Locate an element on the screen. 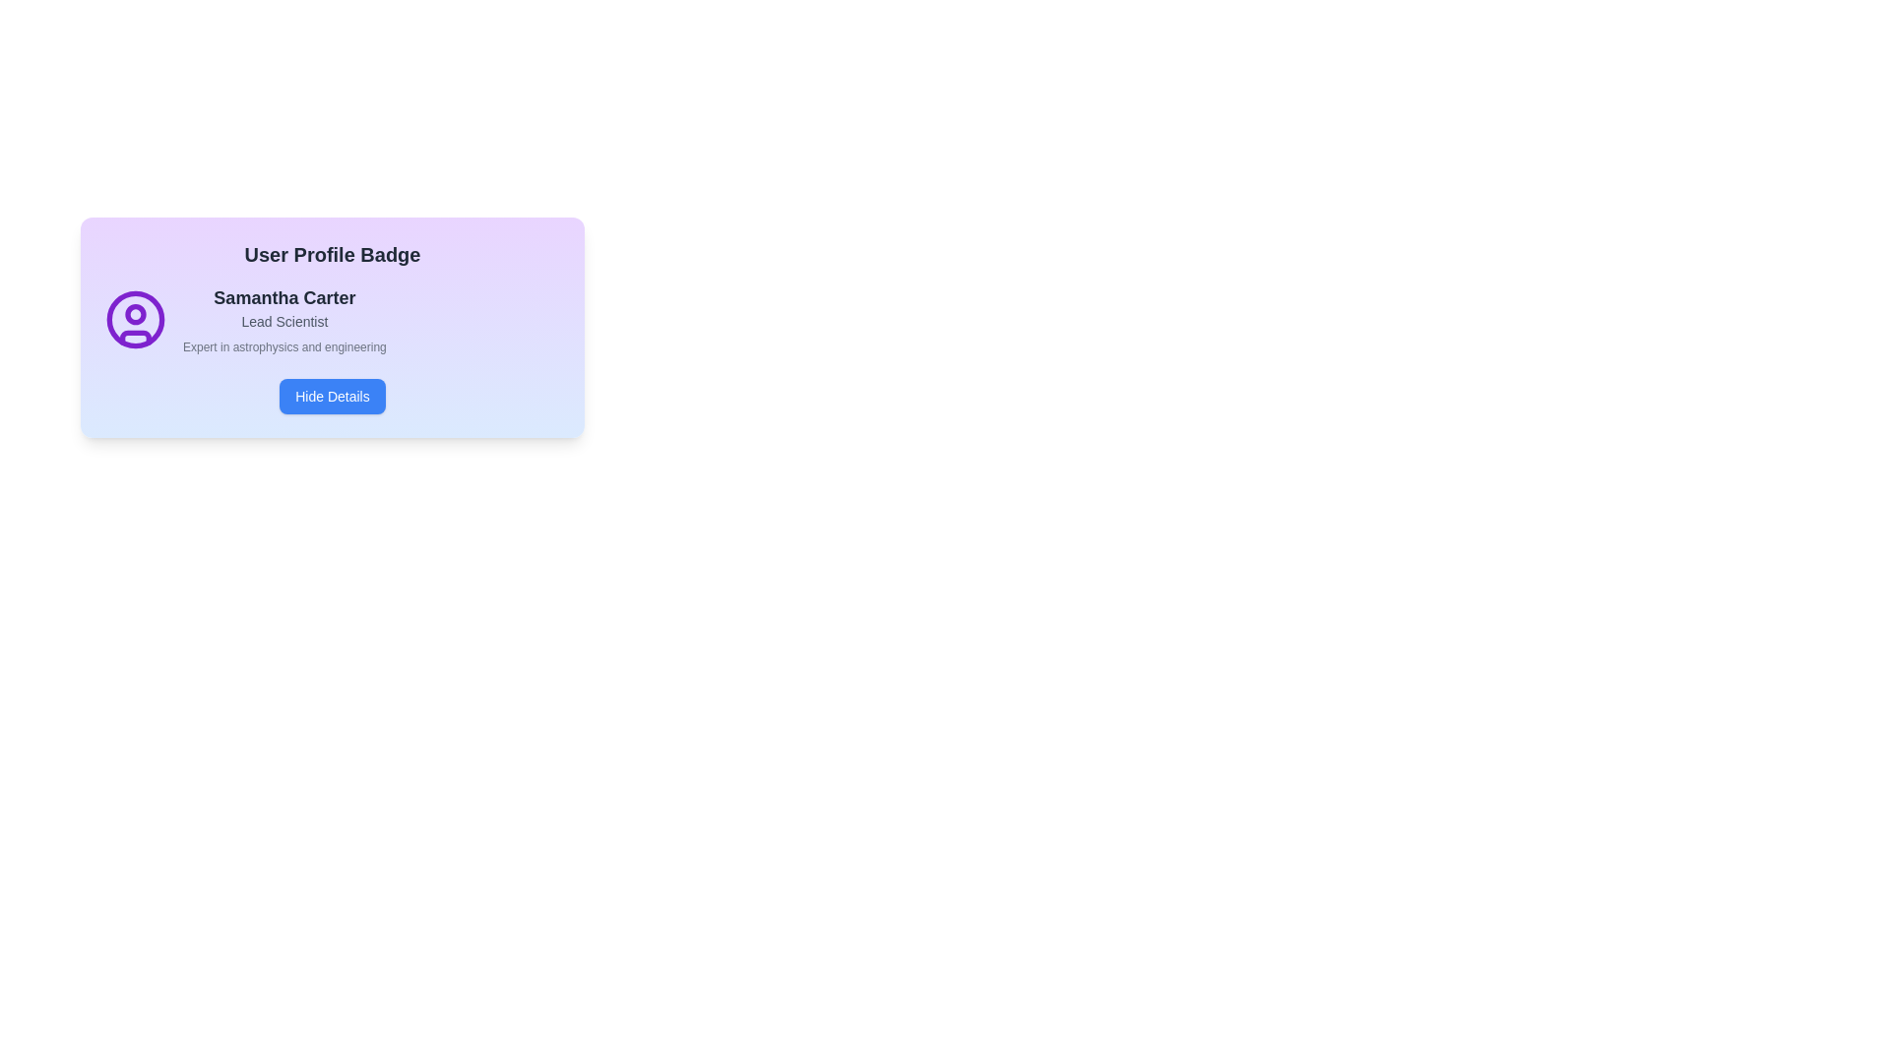  the 'Hide Details' button, which is a bright blue rectangular button with rounded corners, located at the bottom-center of the 'User Profile Badge' card layout is located at coordinates (332, 396).